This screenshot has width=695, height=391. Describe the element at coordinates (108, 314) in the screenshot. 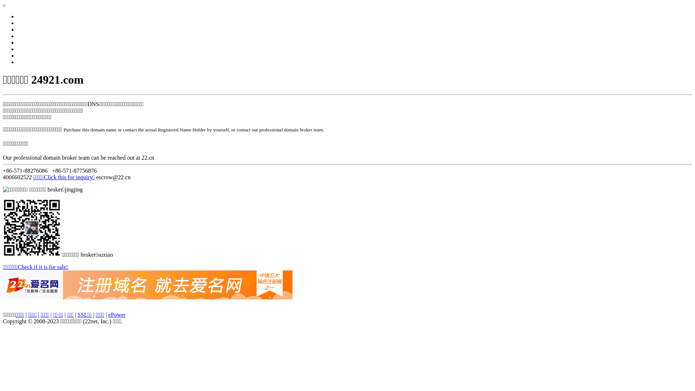

I see `'ePower'` at that location.